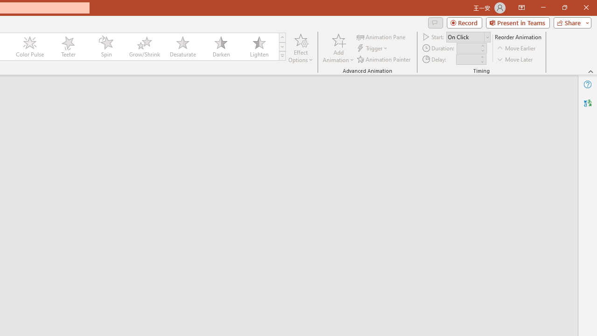 The image size is (597, 336). Describe the element at coordinates (382, 36) in the screenshot. I see `'Animation Pane'` at that location.